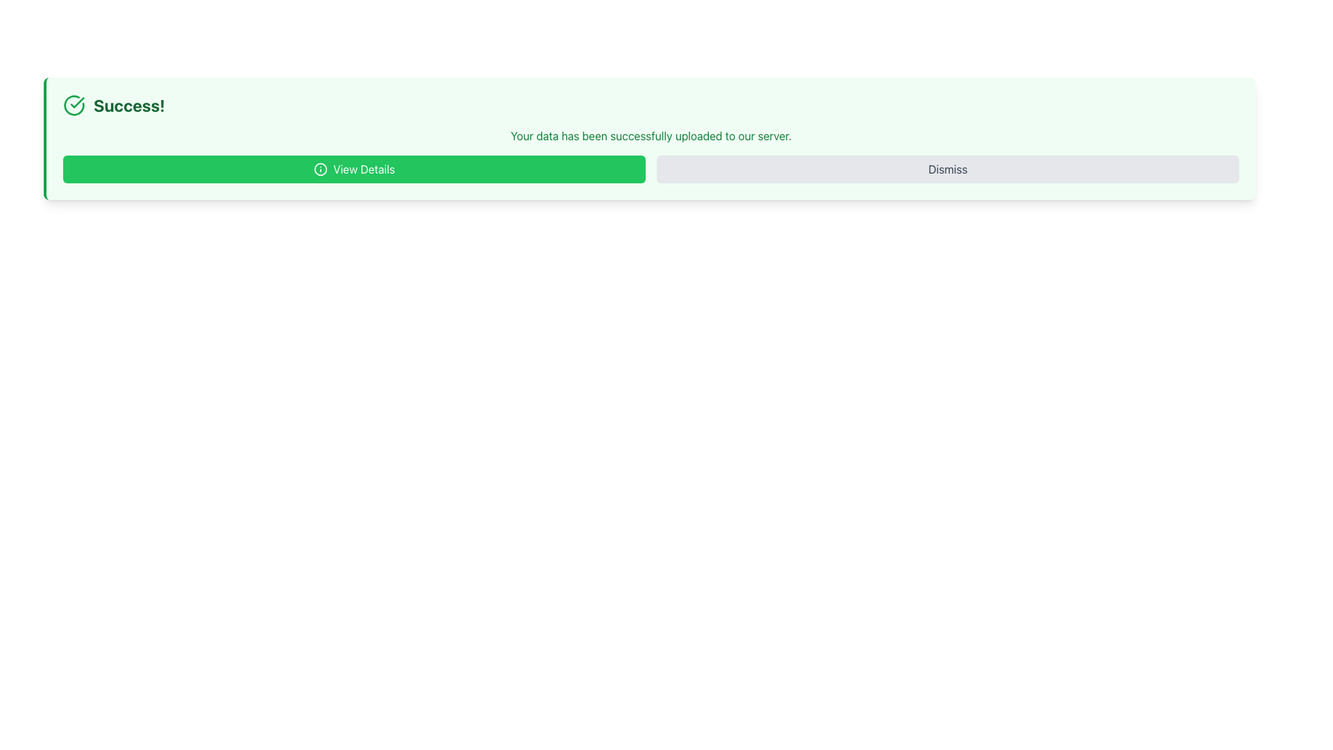 The image size is (1333, 750). I want to click on the 'View Details' button with a green background and an information icon to observe its tooltip if available, so click(354, 168).